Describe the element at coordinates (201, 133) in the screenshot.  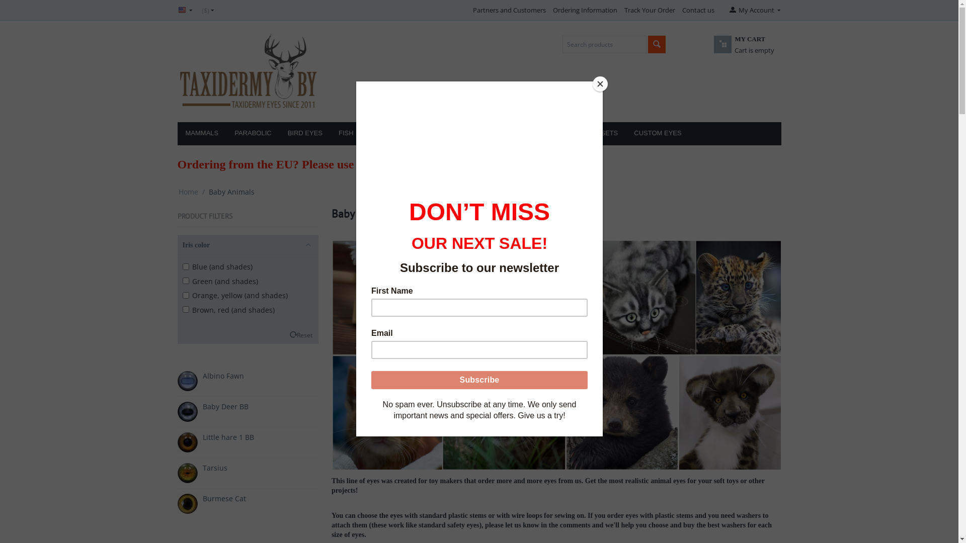
I see `'MAMMALS'` at that location.